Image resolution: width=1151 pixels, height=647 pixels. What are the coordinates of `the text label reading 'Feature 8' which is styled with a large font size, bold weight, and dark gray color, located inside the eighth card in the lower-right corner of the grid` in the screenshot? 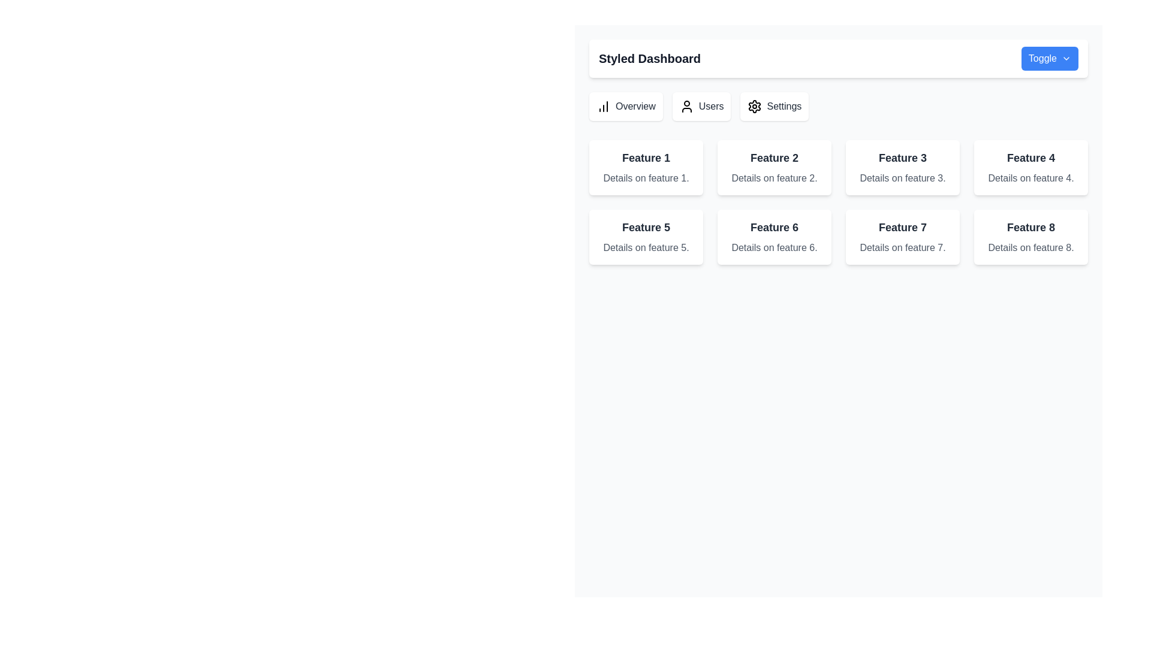 It's located at (1030, 228).